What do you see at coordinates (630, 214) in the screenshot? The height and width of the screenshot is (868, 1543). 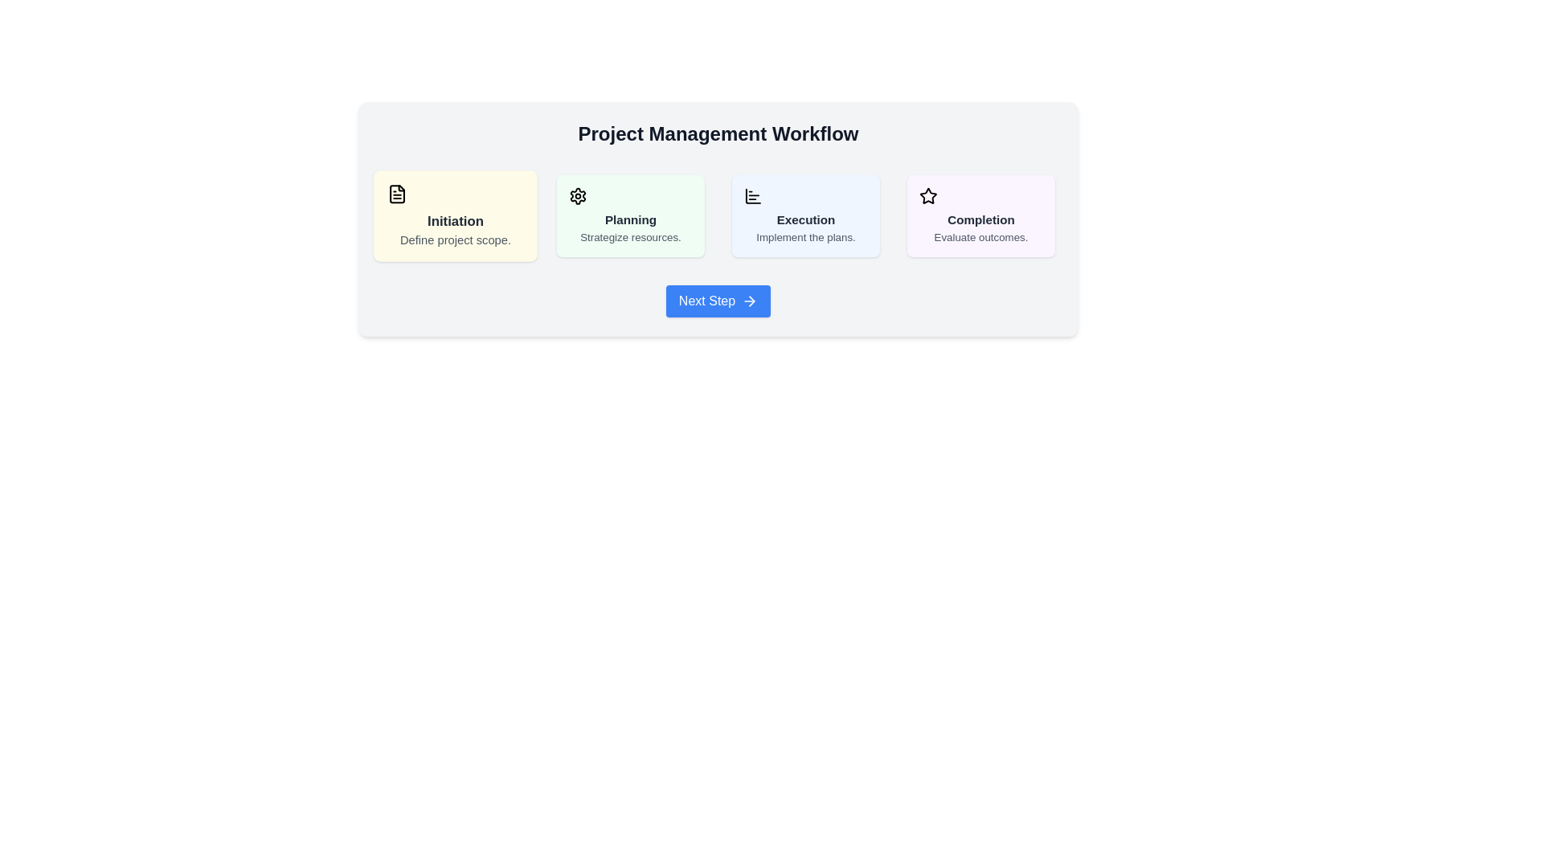 I see `the 'Planning' phase card in the Project Management Workflow` at bounding box center [630, 214].